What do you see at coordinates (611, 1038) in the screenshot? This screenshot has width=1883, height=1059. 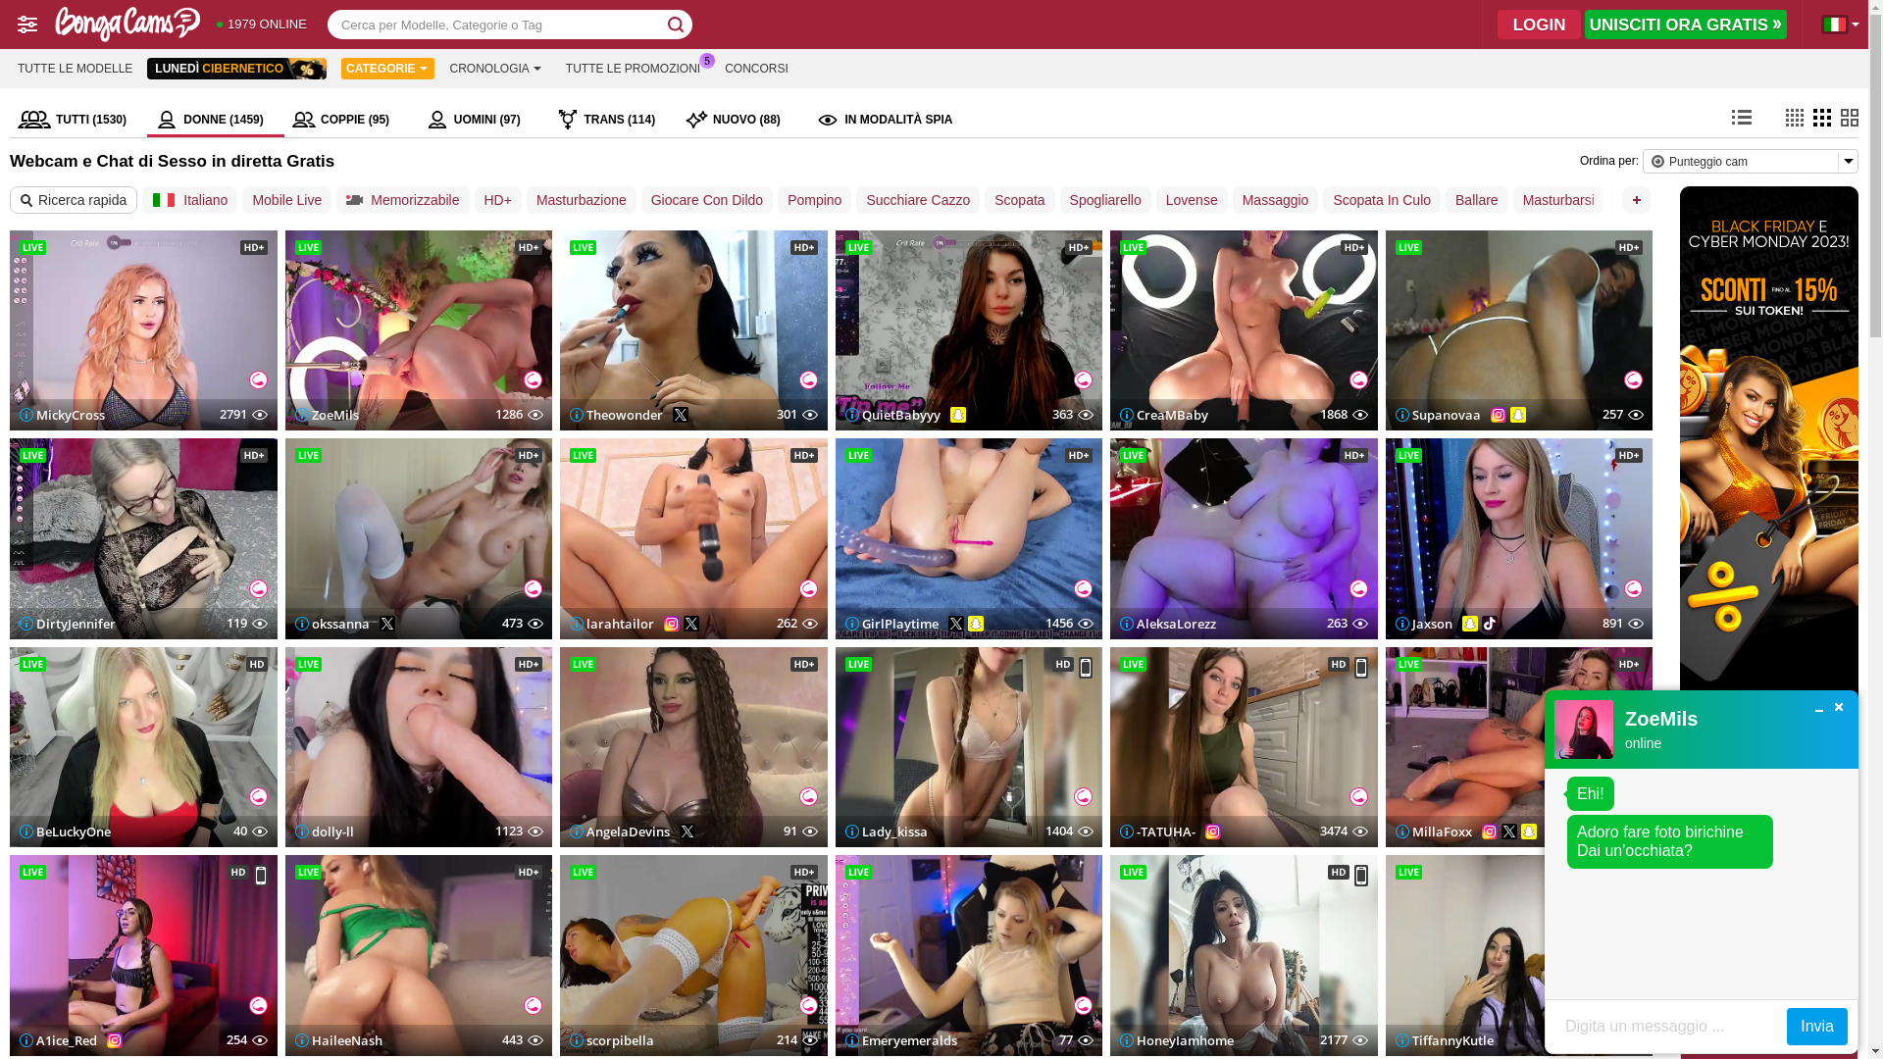 I see `'scorpibella'` at bounding box center [611, 1038].